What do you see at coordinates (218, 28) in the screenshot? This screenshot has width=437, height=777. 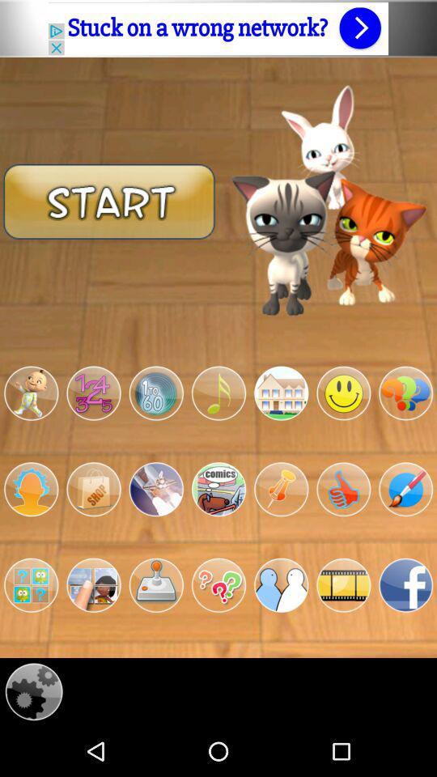 I see `open advertisement` at bounding box center [218, 28].